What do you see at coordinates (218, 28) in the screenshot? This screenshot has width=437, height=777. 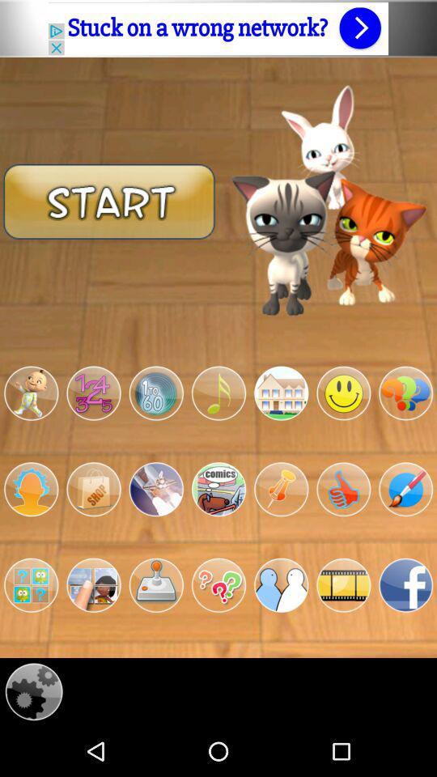 I see `open advertisement` at bounding box center [218, 28].